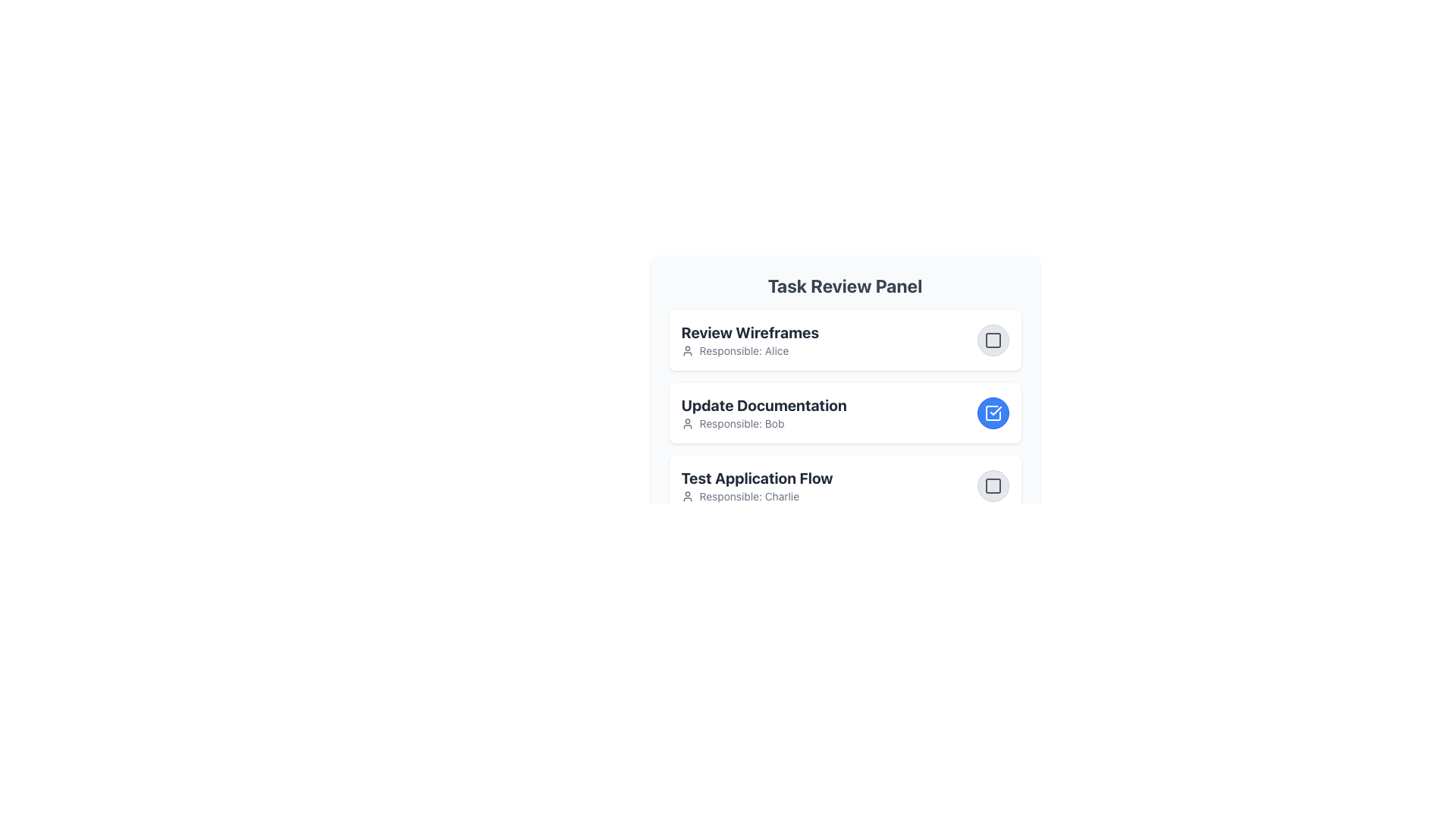 This screenshot has height=819, width=1456. What do you see at coordinates (993, 413) in the screenshot?
I see `the checkbox styled button with a checkmark icon` at bounding box center [993, 413].